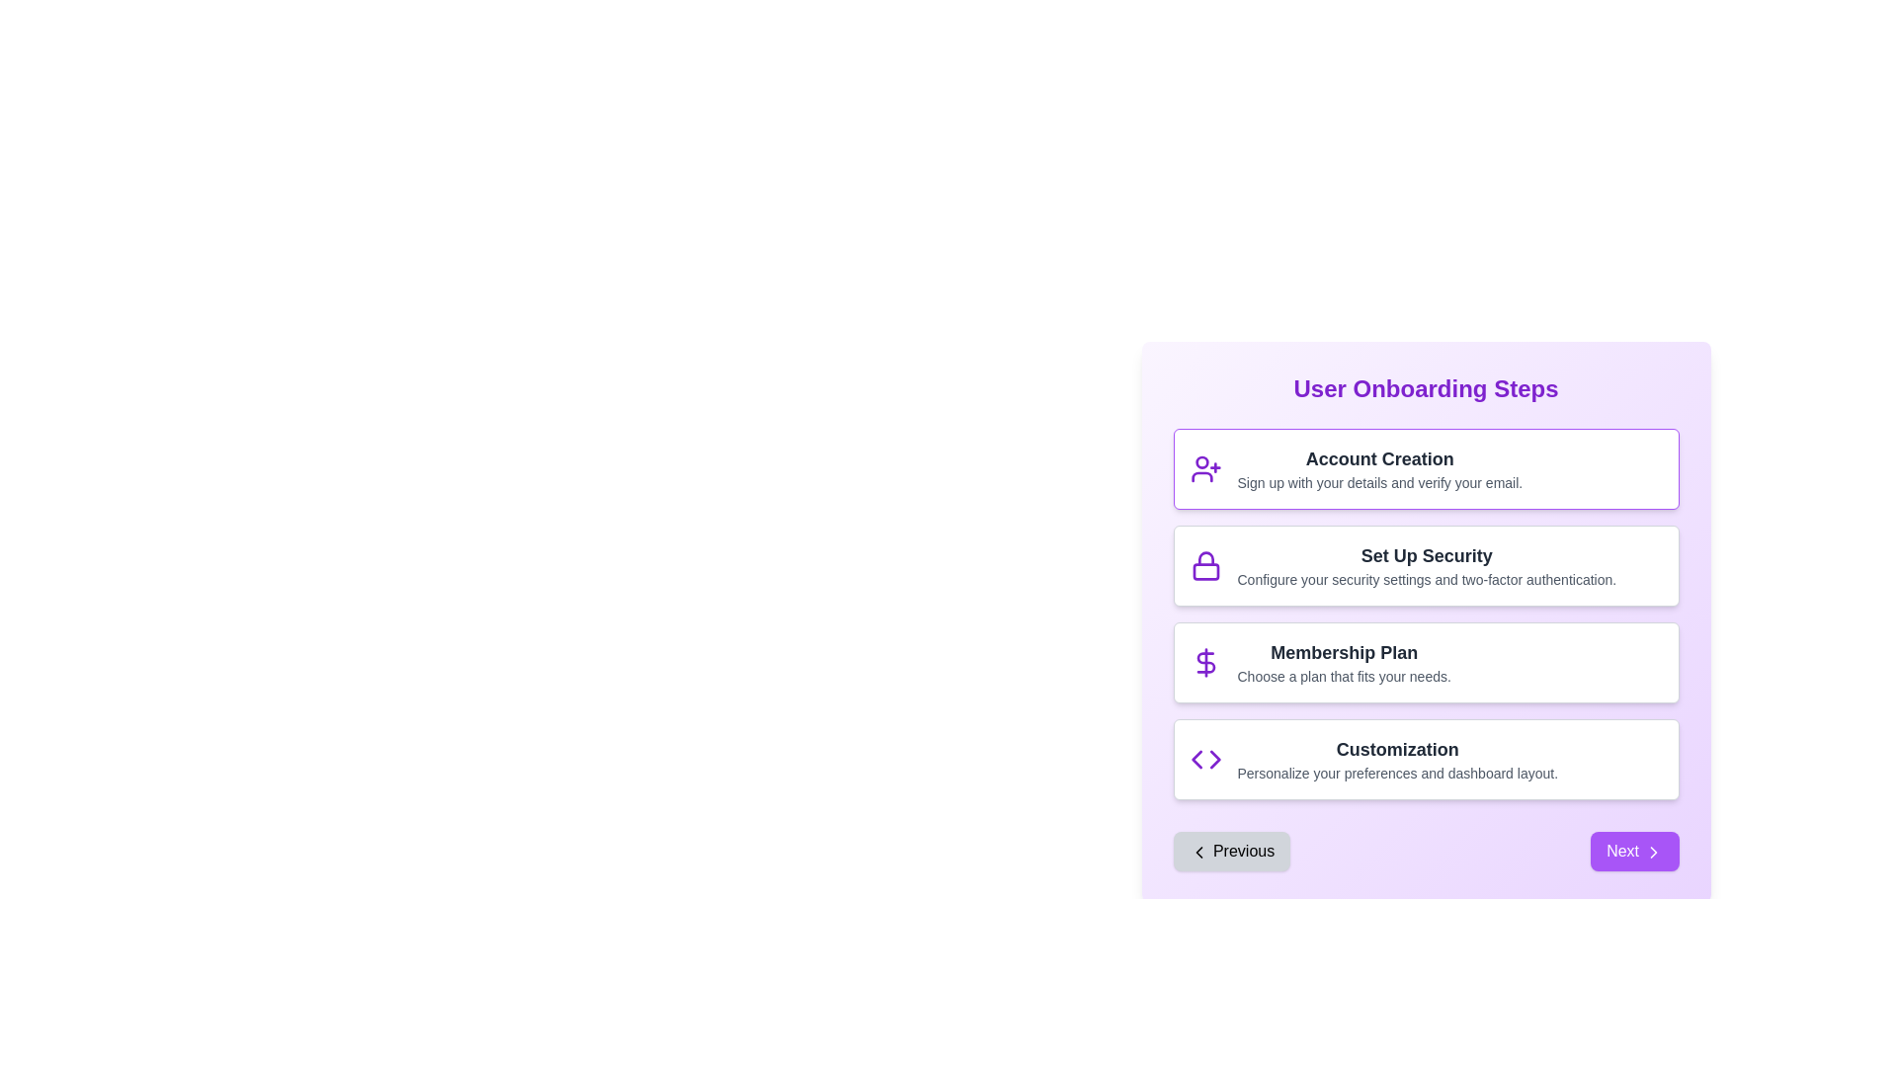  Describe the element at coordinates (1196, 758) in the screenshot. I see `the left-pointing arrow symbol, which is part of the 'Previous' button located in the bottom-left corner of the interface` at that location.